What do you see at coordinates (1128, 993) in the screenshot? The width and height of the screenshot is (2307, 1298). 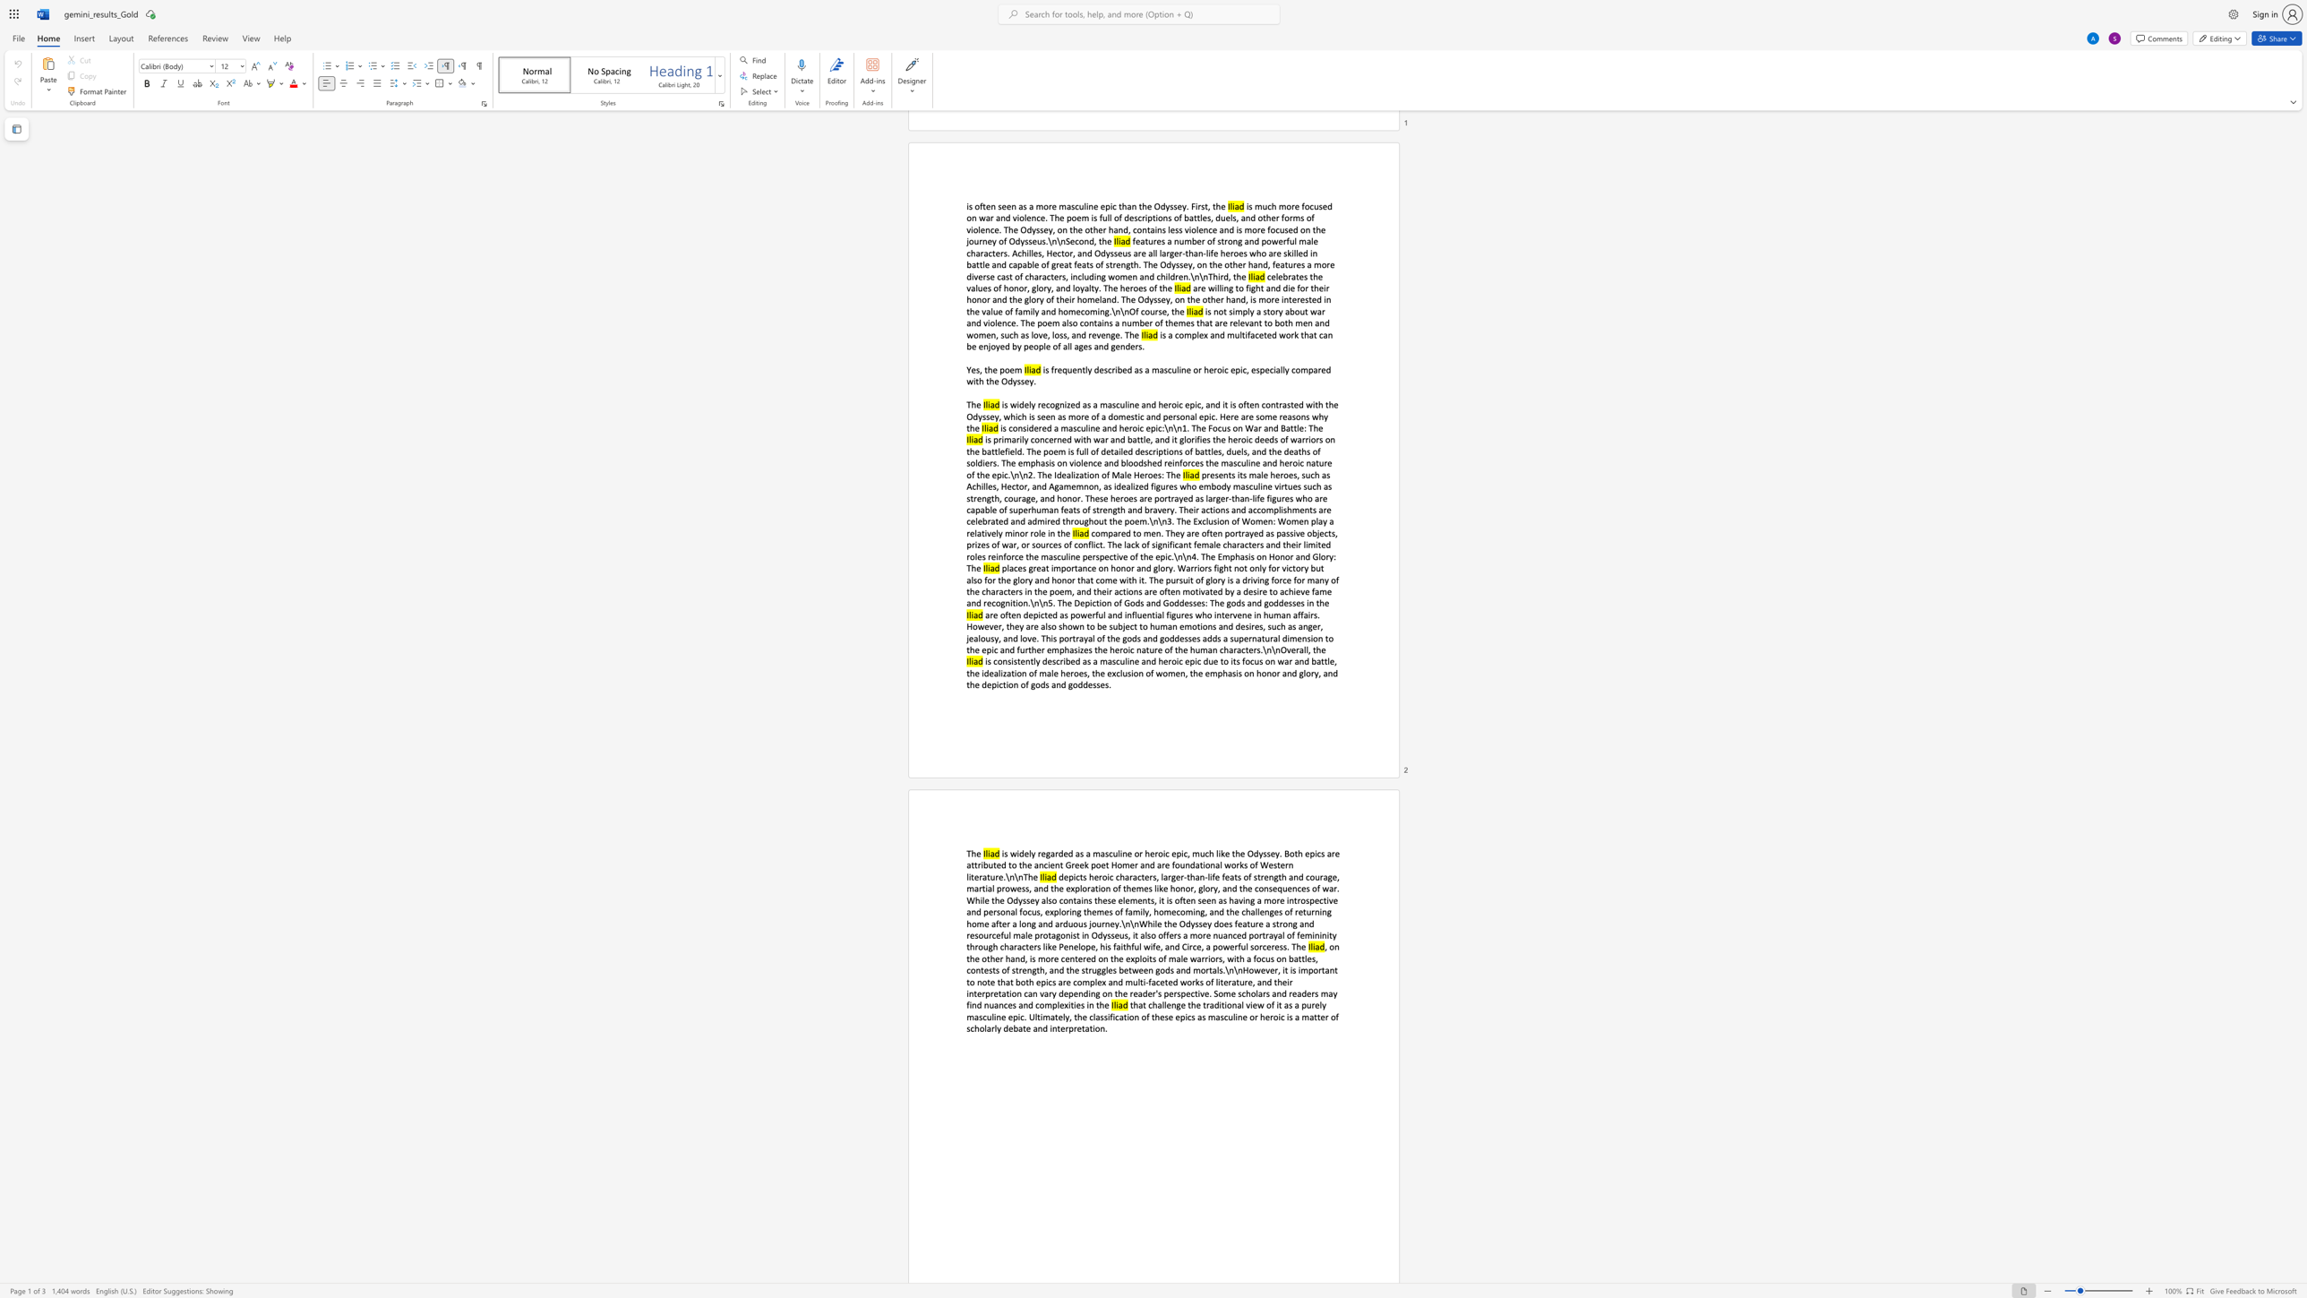 I see `the subset text "reader" within the text ", on the other hand, is more centered on the exploits of male warriors, with a focus on battles, contests of strength, and the struggles between gods and mortals.\n\nHowever, it is important to note that both epics are complex and multi-faceted works of literature, and their interpretation can vary depending on the reader"` at bounding box center [1128, 993].